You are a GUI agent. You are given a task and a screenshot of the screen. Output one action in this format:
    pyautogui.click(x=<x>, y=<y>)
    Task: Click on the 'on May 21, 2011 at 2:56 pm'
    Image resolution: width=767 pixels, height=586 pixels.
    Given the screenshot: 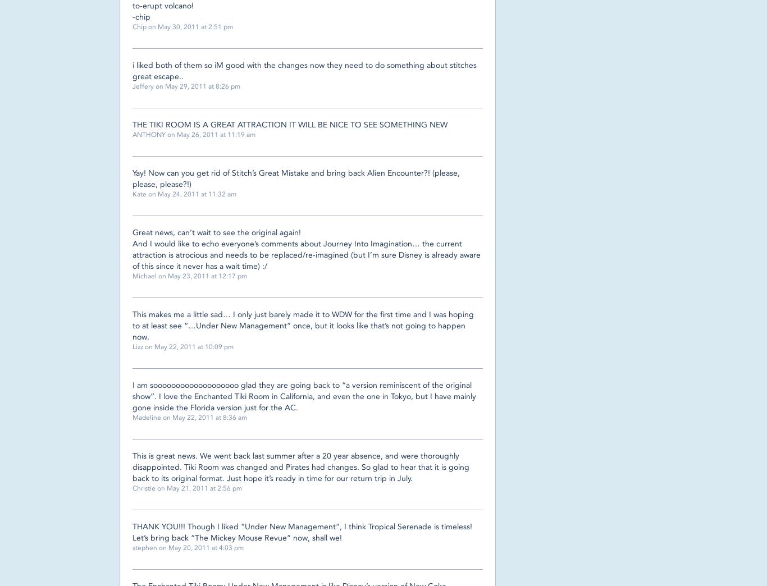 What is the action you would take?
    pyautogui.click(x=156, y=488)
    